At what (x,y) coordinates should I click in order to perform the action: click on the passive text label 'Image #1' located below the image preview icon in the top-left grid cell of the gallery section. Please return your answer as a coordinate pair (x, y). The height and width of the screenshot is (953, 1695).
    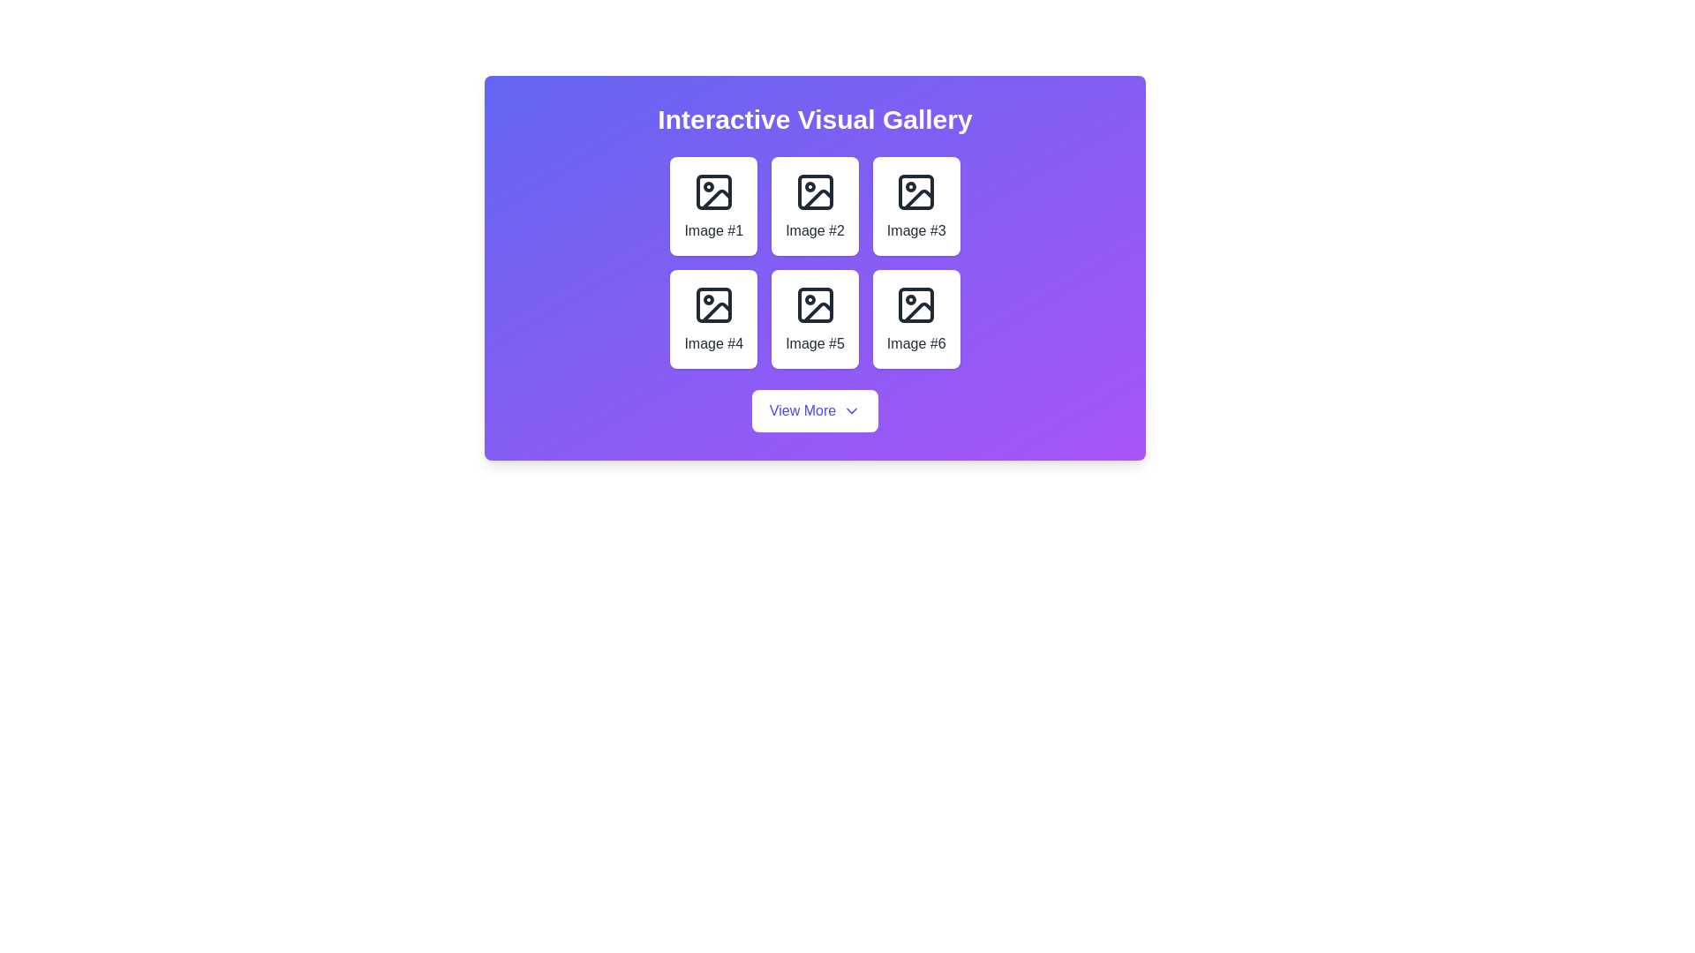
    Looking at the image, I should click on (713, 230).